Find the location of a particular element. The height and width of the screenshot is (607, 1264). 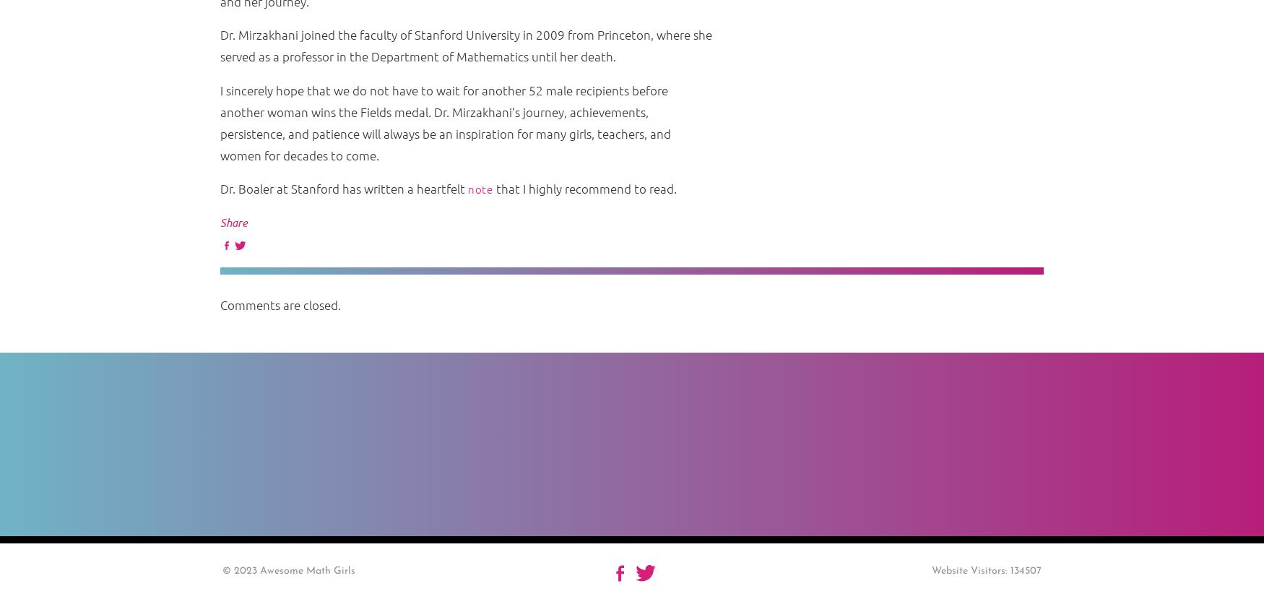

'Comments are closed.' is located at coordinates (280, 305).